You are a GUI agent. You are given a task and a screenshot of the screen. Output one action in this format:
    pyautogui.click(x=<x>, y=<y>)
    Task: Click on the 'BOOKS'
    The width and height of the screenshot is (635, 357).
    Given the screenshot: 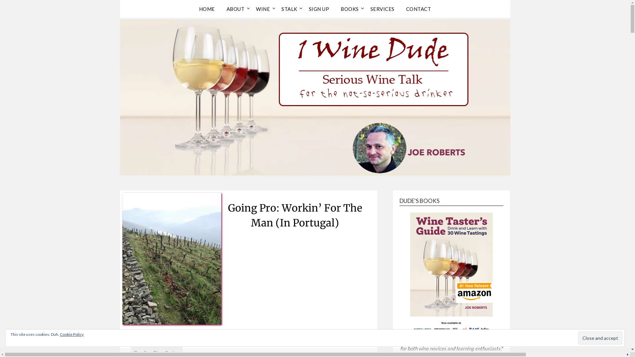 What is the action you would take?
    pyautogui.click(x=335, y=9)
    